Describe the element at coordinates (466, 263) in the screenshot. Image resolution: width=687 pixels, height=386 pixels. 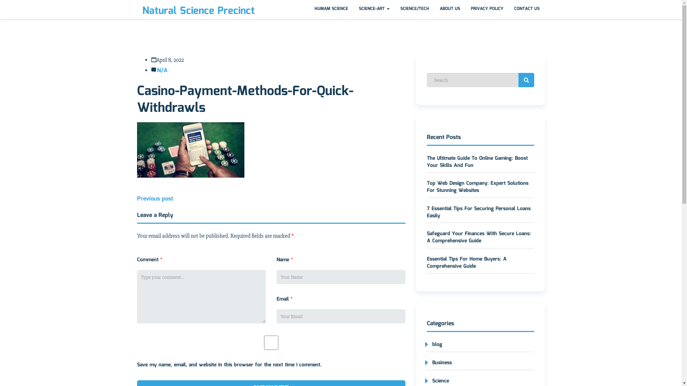
I see `'Essential Tips For Home Buyers: A Comprehensive Guide'` at that location.